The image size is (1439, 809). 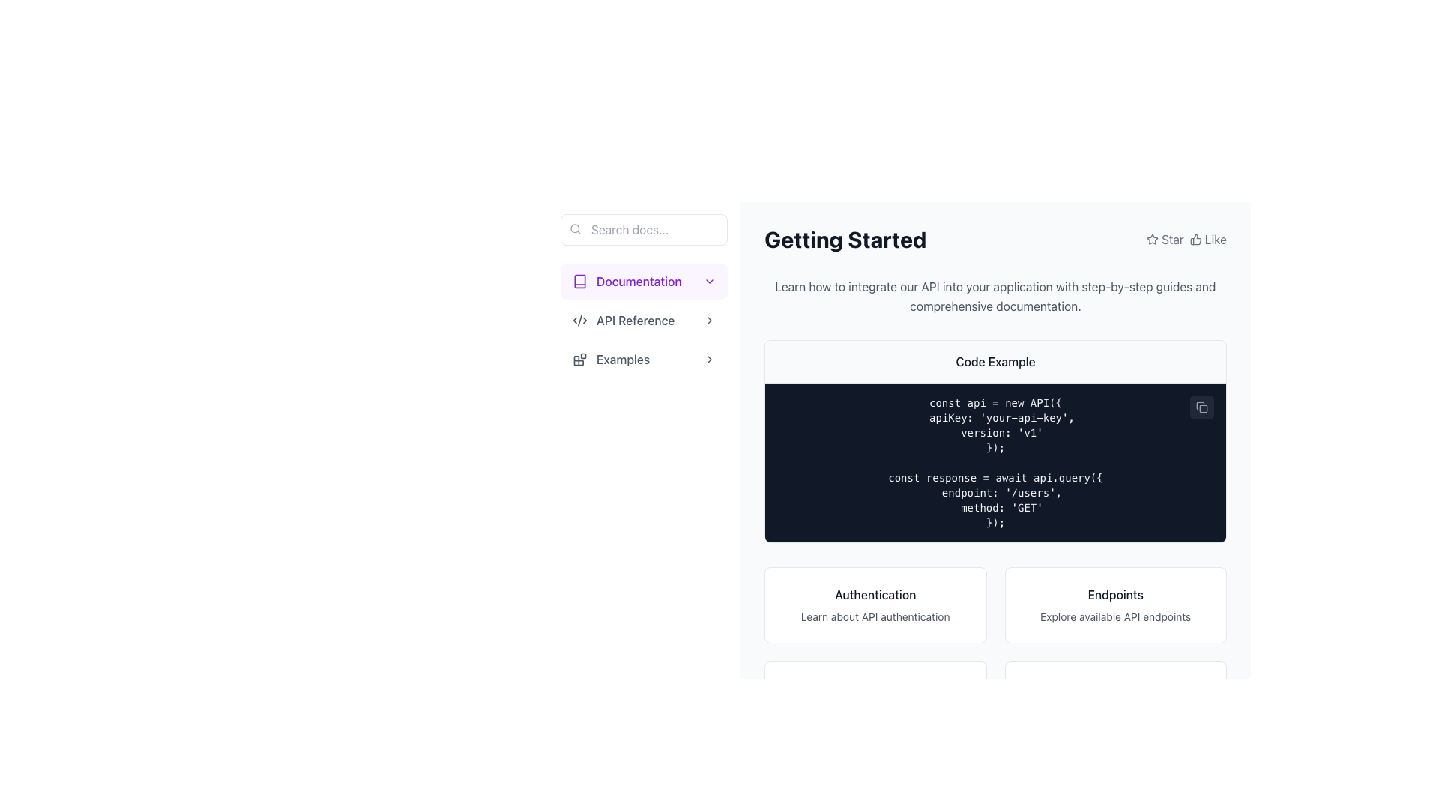 What do you see at coordinates (1152, 239) in the screenshot?
I see `the star icon that indicates marking or favoriting, located in the top-right corner of the interface next to the label 'Star'` at bounding box center [1152, 239].